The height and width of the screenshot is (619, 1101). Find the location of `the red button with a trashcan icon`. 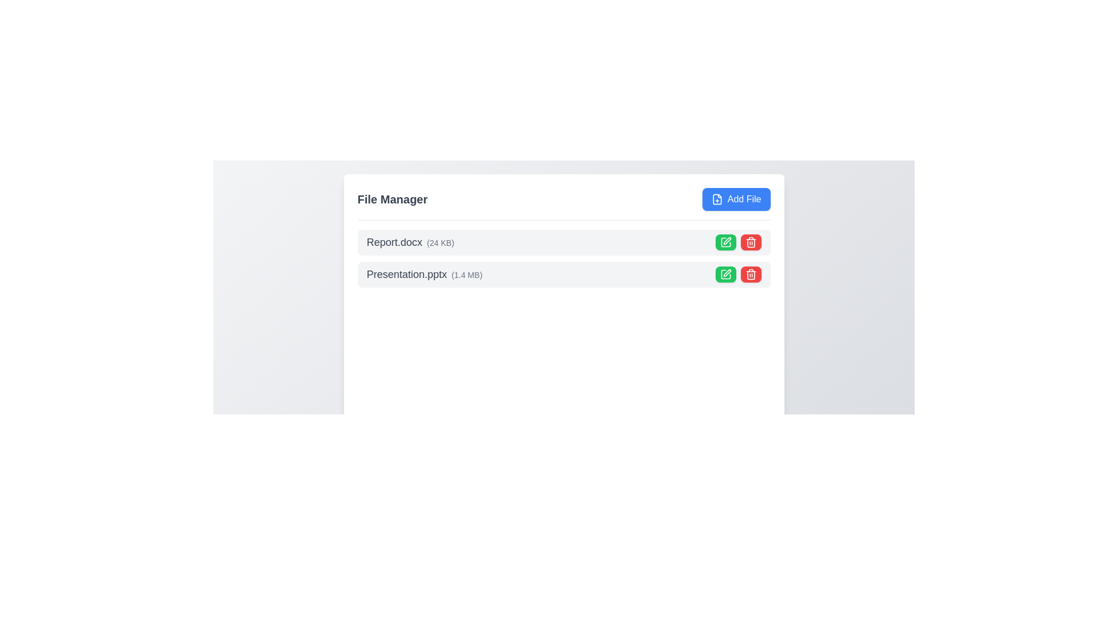

the red button with a trashcan icon is located at coordinates (751, 242).